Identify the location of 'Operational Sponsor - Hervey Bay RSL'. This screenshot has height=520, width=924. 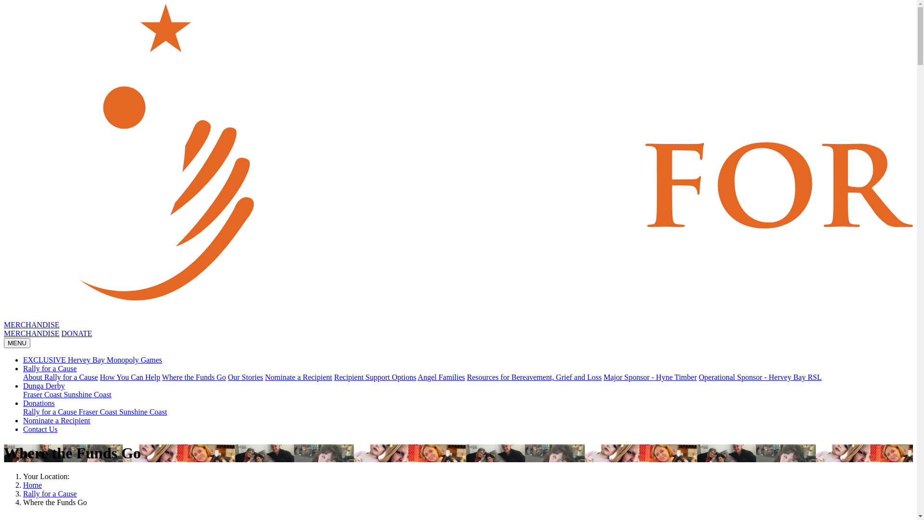
(759, 377).